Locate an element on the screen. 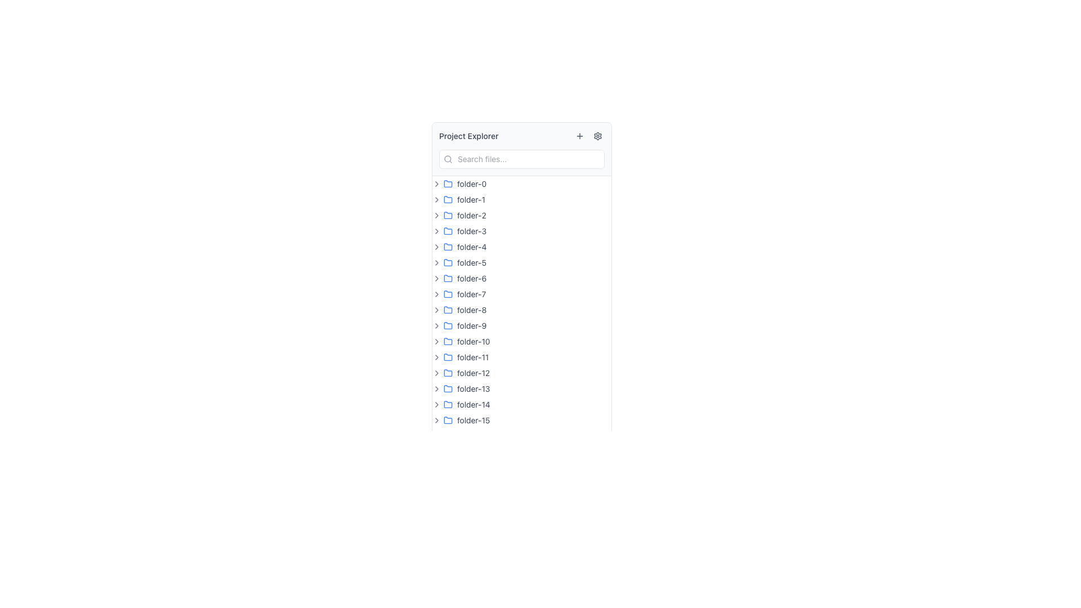 The height and width of the screenshot is (608, 1081). the list item titled 'folder-13' in the Project Explorer is located at coordinates (521, 388).